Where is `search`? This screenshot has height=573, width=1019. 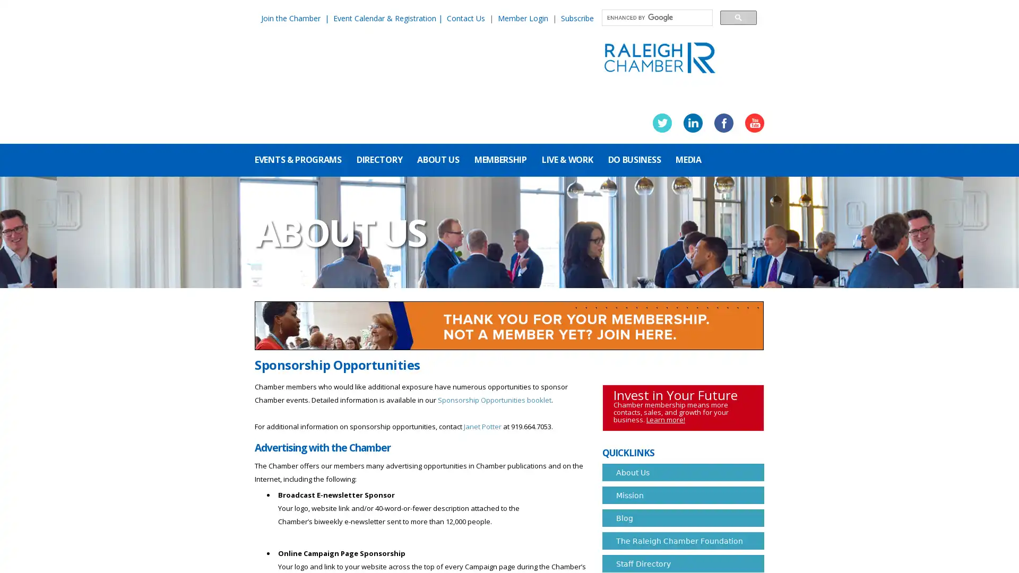
search is located at coordinates (738, 17).